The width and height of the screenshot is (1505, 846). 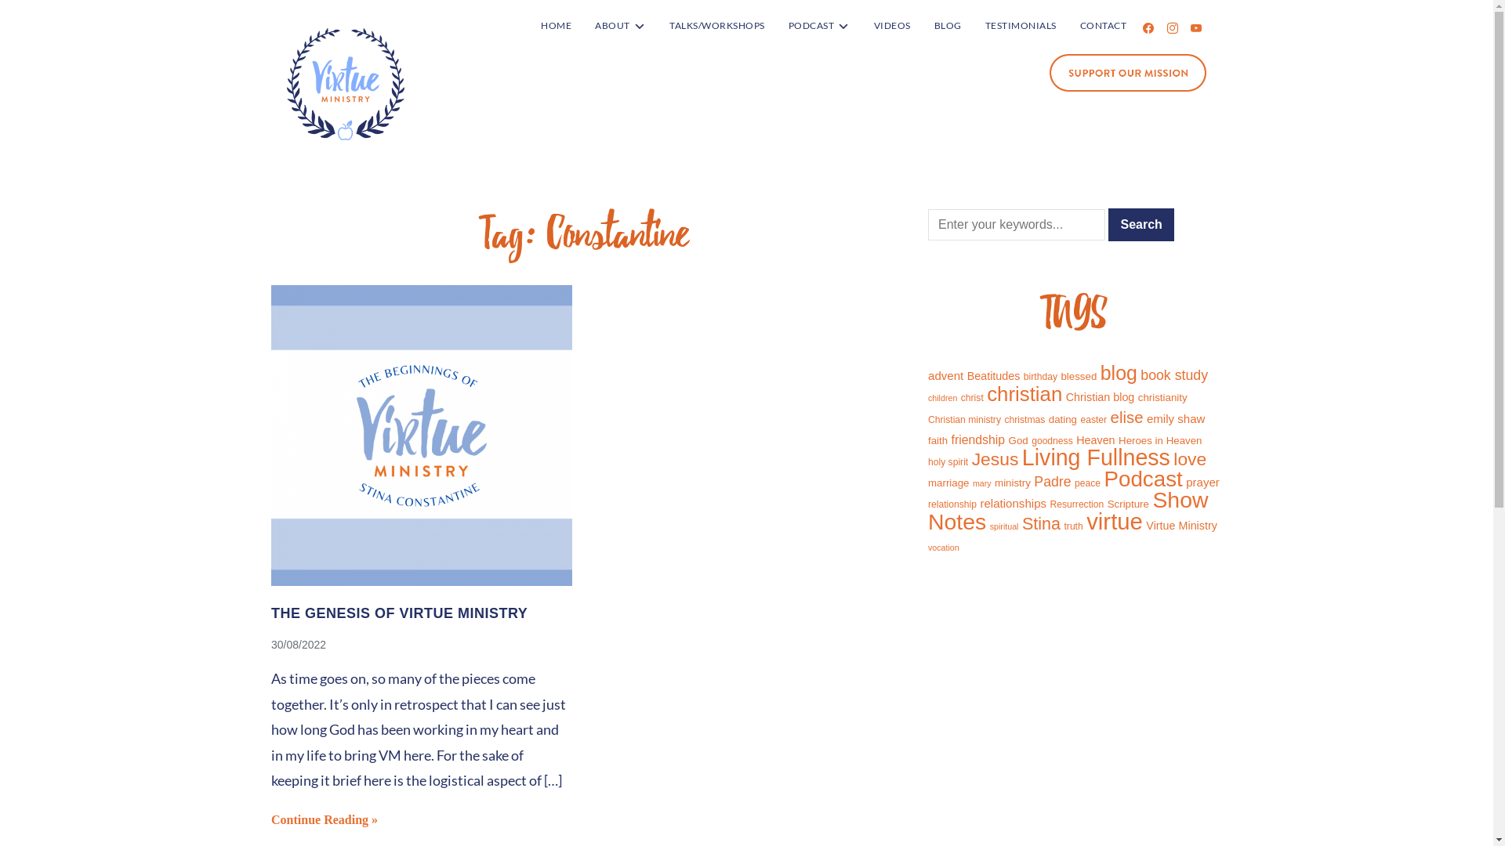 I want to click on 'PODCAST', so click(x=818, y=26).